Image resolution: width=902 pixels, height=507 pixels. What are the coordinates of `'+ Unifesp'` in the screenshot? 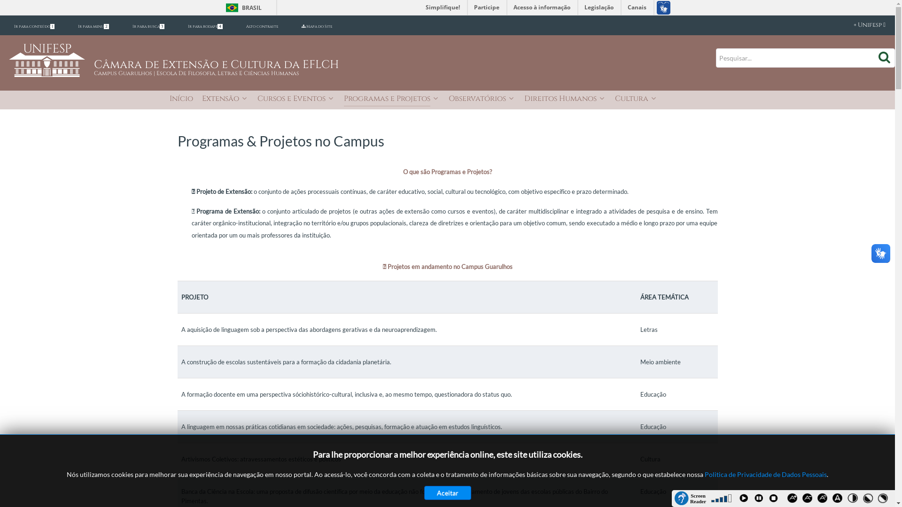 It's located at (859, 25).